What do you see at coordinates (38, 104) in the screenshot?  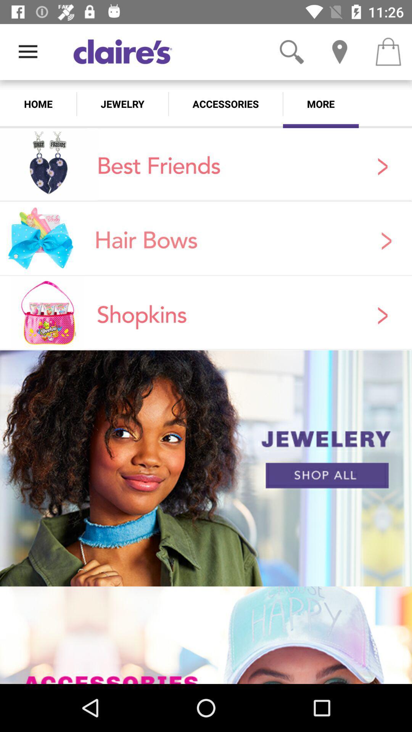 I see `the app next to jewelry` at bounding box center [38, 104].